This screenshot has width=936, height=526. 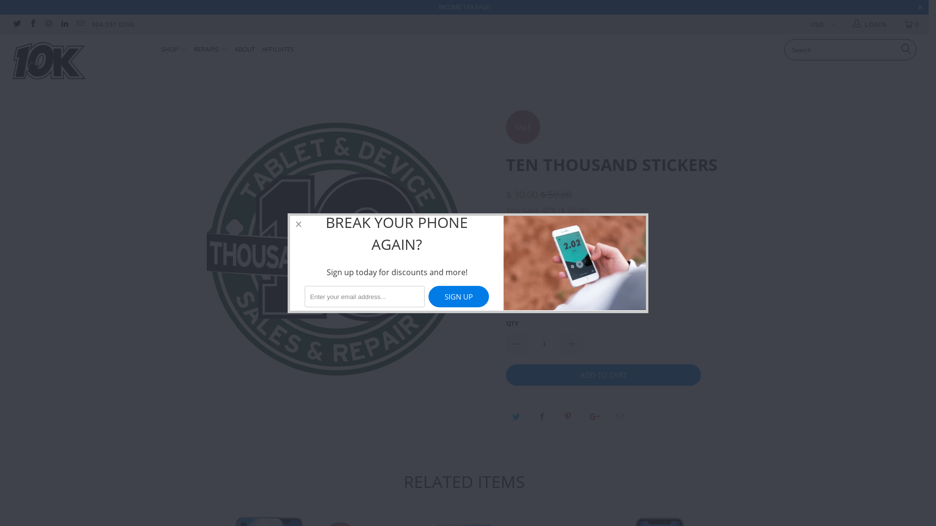 I want to click on 'AFFILIATES', so click(x=277, y=50).